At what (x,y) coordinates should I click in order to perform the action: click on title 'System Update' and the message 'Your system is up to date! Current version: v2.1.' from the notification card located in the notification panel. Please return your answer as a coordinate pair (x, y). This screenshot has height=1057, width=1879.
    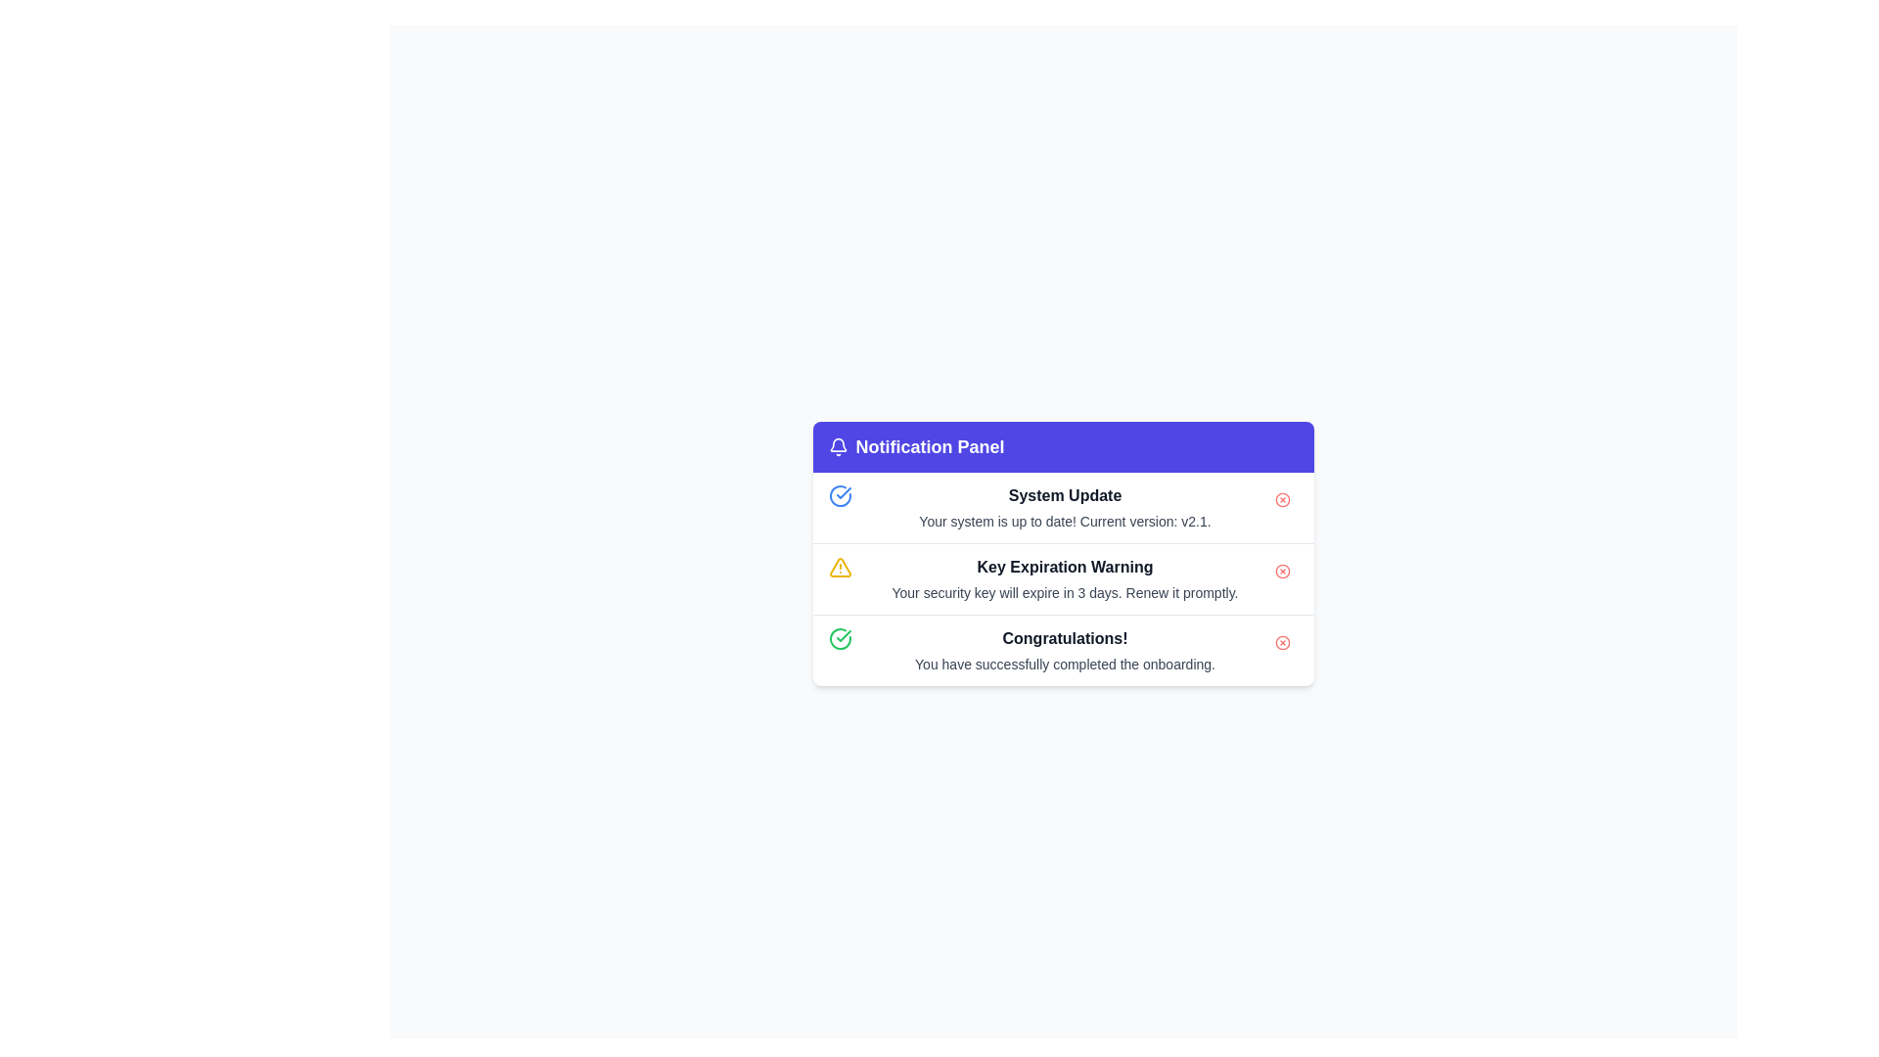
    Looking at the image, I should click on (1062, 507).